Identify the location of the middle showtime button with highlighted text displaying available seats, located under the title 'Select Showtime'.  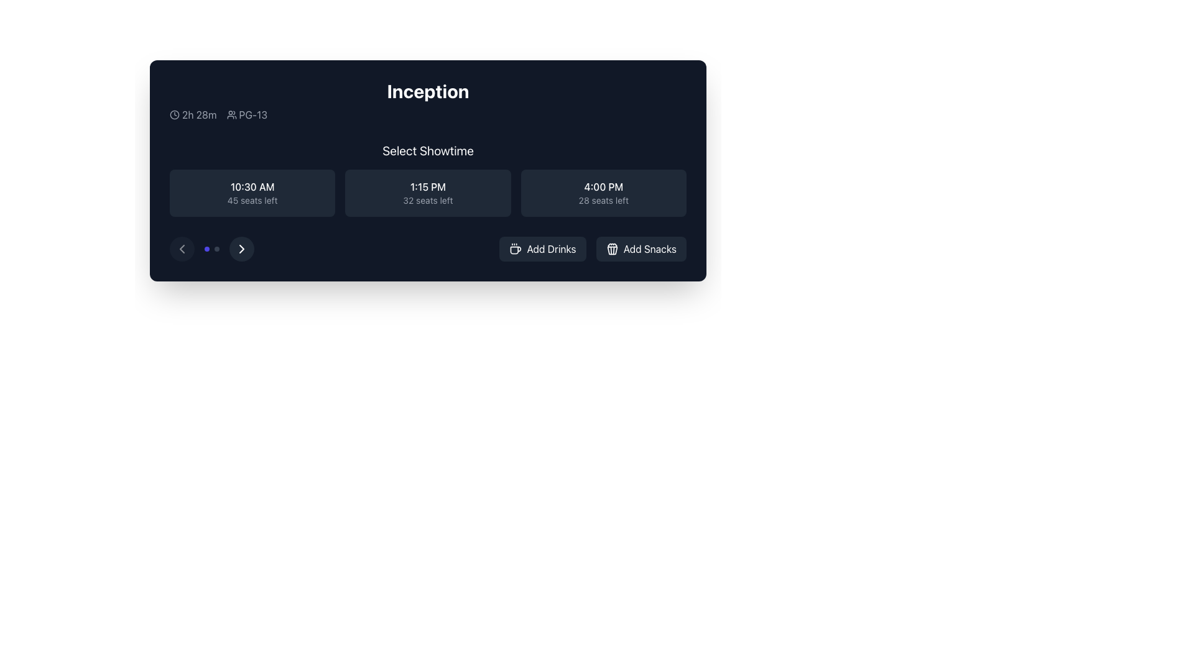
(428, 193).